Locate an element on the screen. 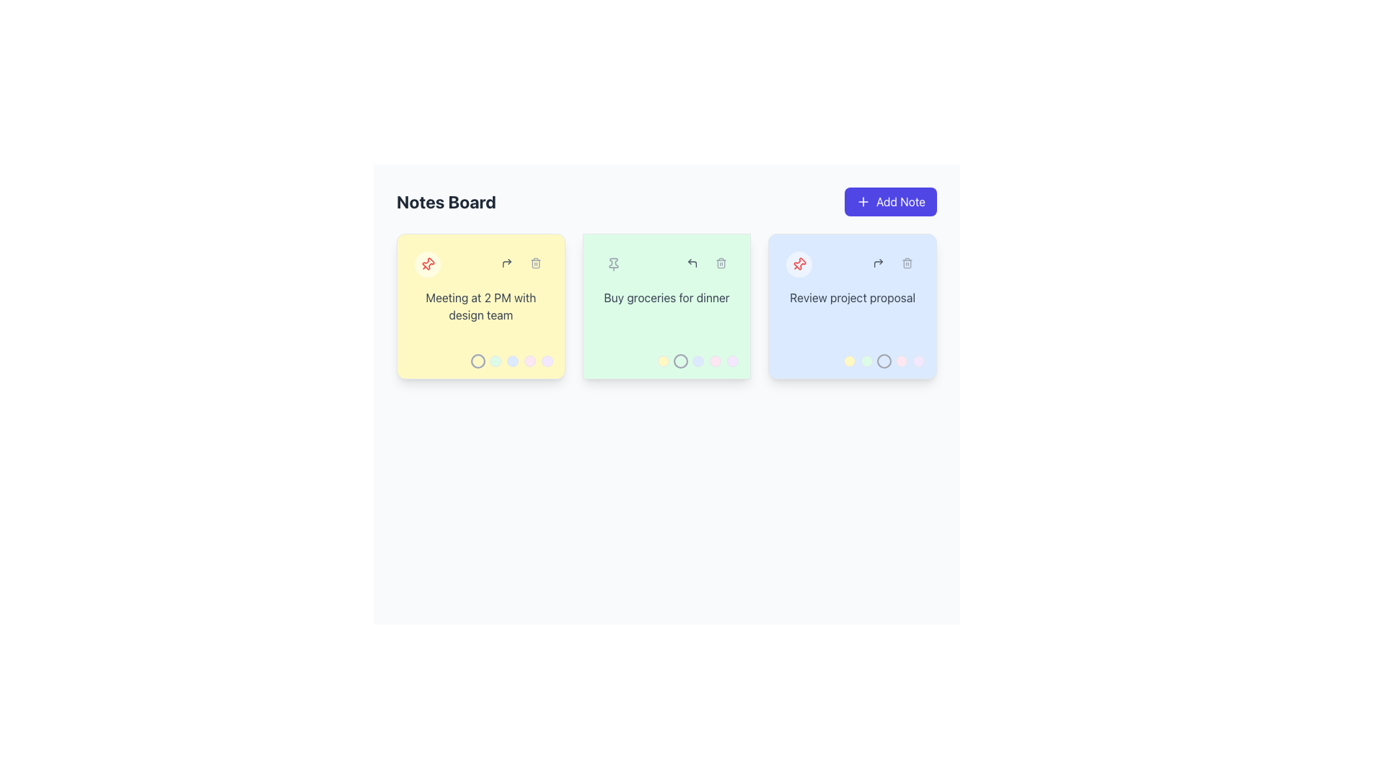 The image size is (1385, 779). the third circular marker element is located at coordinates (512, 361).